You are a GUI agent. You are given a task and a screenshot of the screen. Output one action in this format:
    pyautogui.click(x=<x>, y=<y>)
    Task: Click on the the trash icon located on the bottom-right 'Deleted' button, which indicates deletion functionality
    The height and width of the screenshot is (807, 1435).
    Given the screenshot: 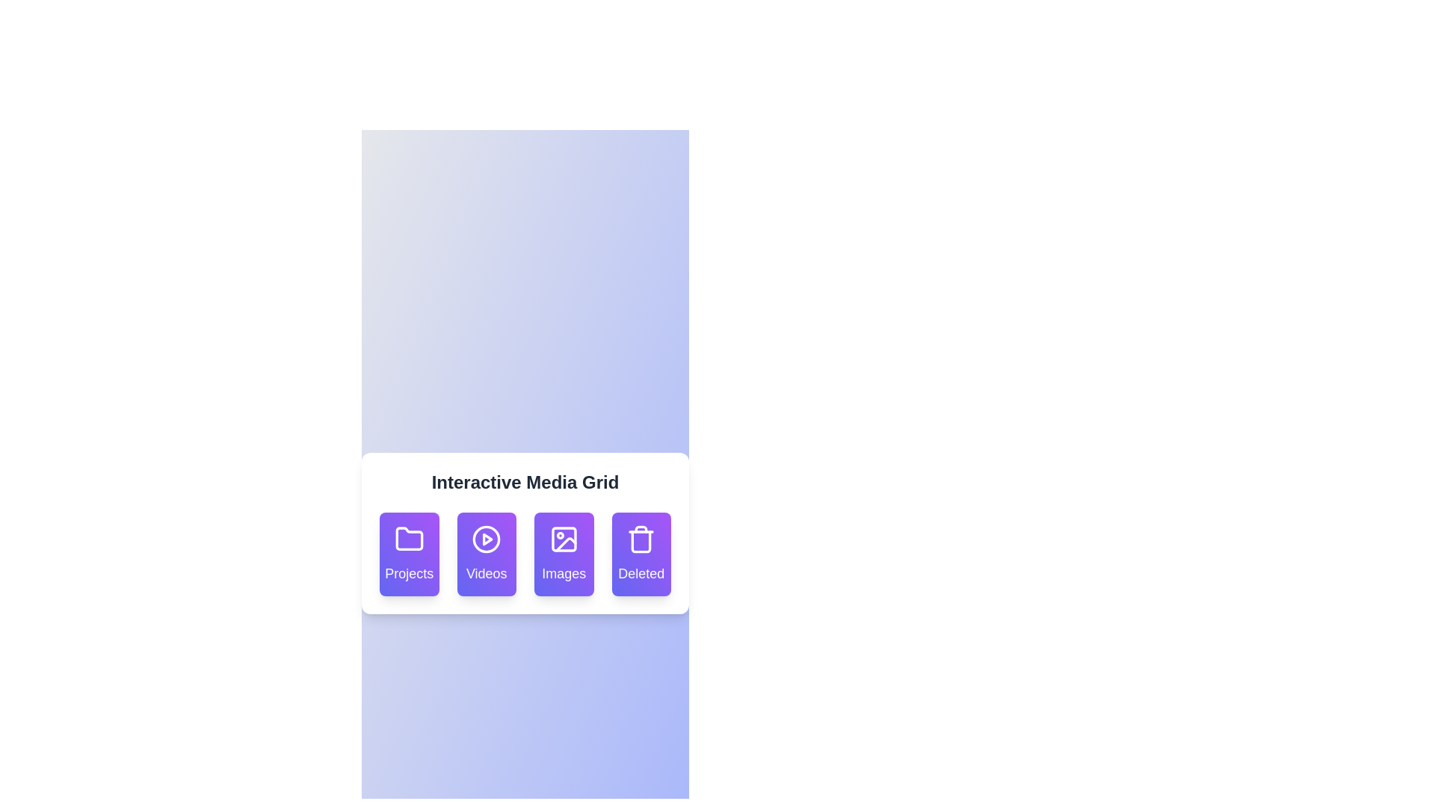 What is the action you would take?
    pyautogui.click(x=641, y=542)
    